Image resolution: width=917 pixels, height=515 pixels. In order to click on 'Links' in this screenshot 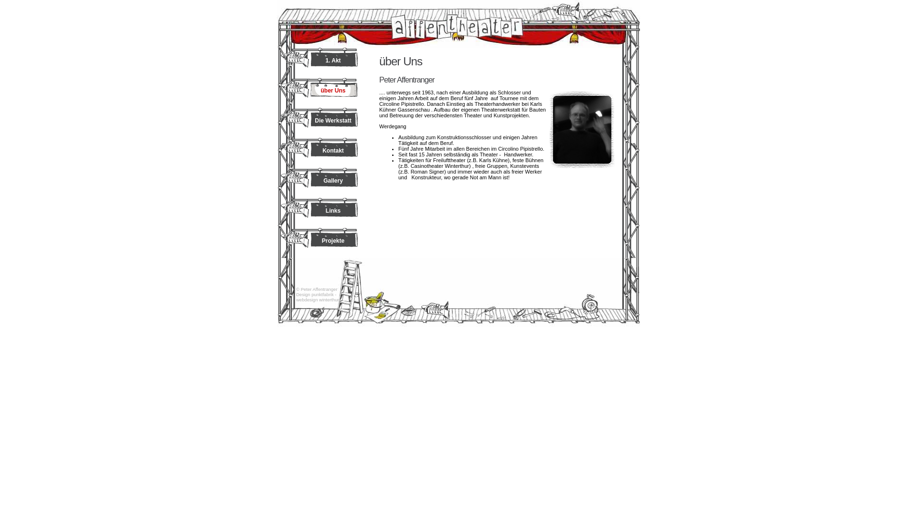, I will do `click(319, 212)`.